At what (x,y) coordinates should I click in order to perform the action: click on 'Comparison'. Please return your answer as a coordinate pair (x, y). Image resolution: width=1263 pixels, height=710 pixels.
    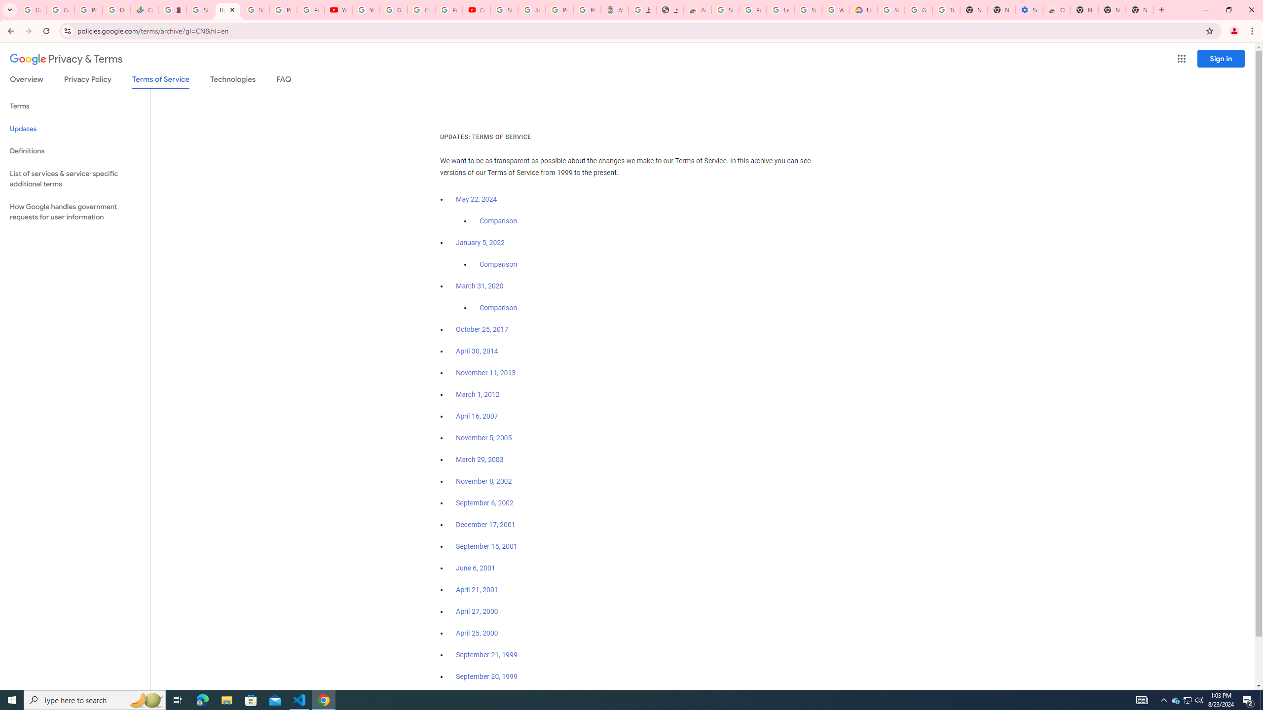
    Looking at the image, I should click on (497, 308).